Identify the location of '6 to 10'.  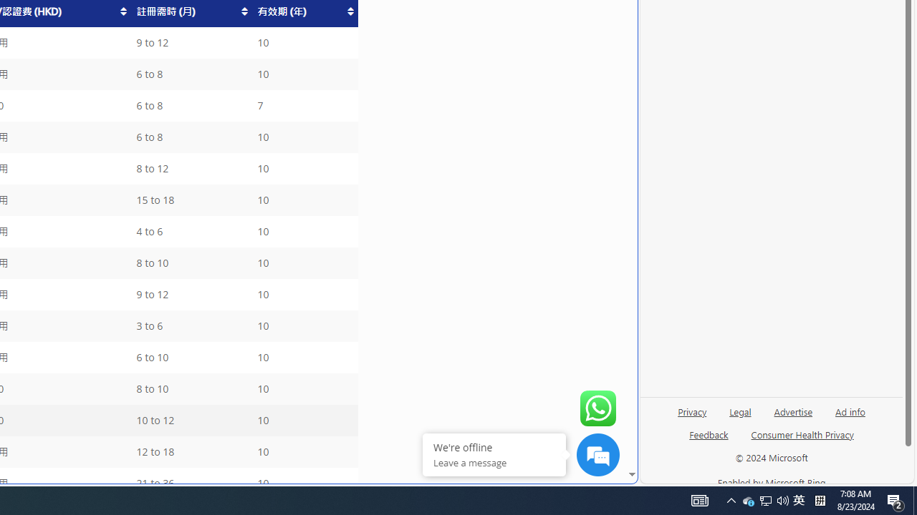
(190, 357).